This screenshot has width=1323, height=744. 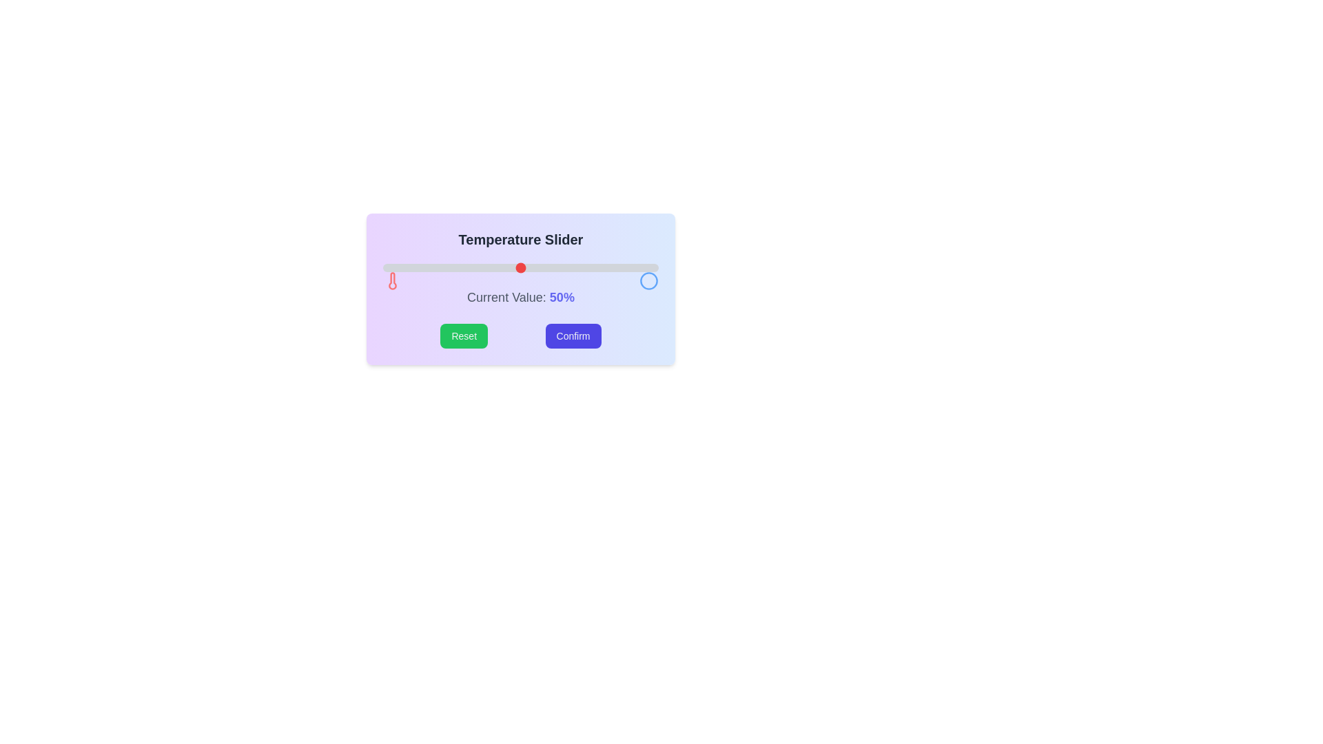 What do you see at coordinates (603, 268) in the screenshot?
I see `the slider to set the value to 80` at bounding box center [603, 268].